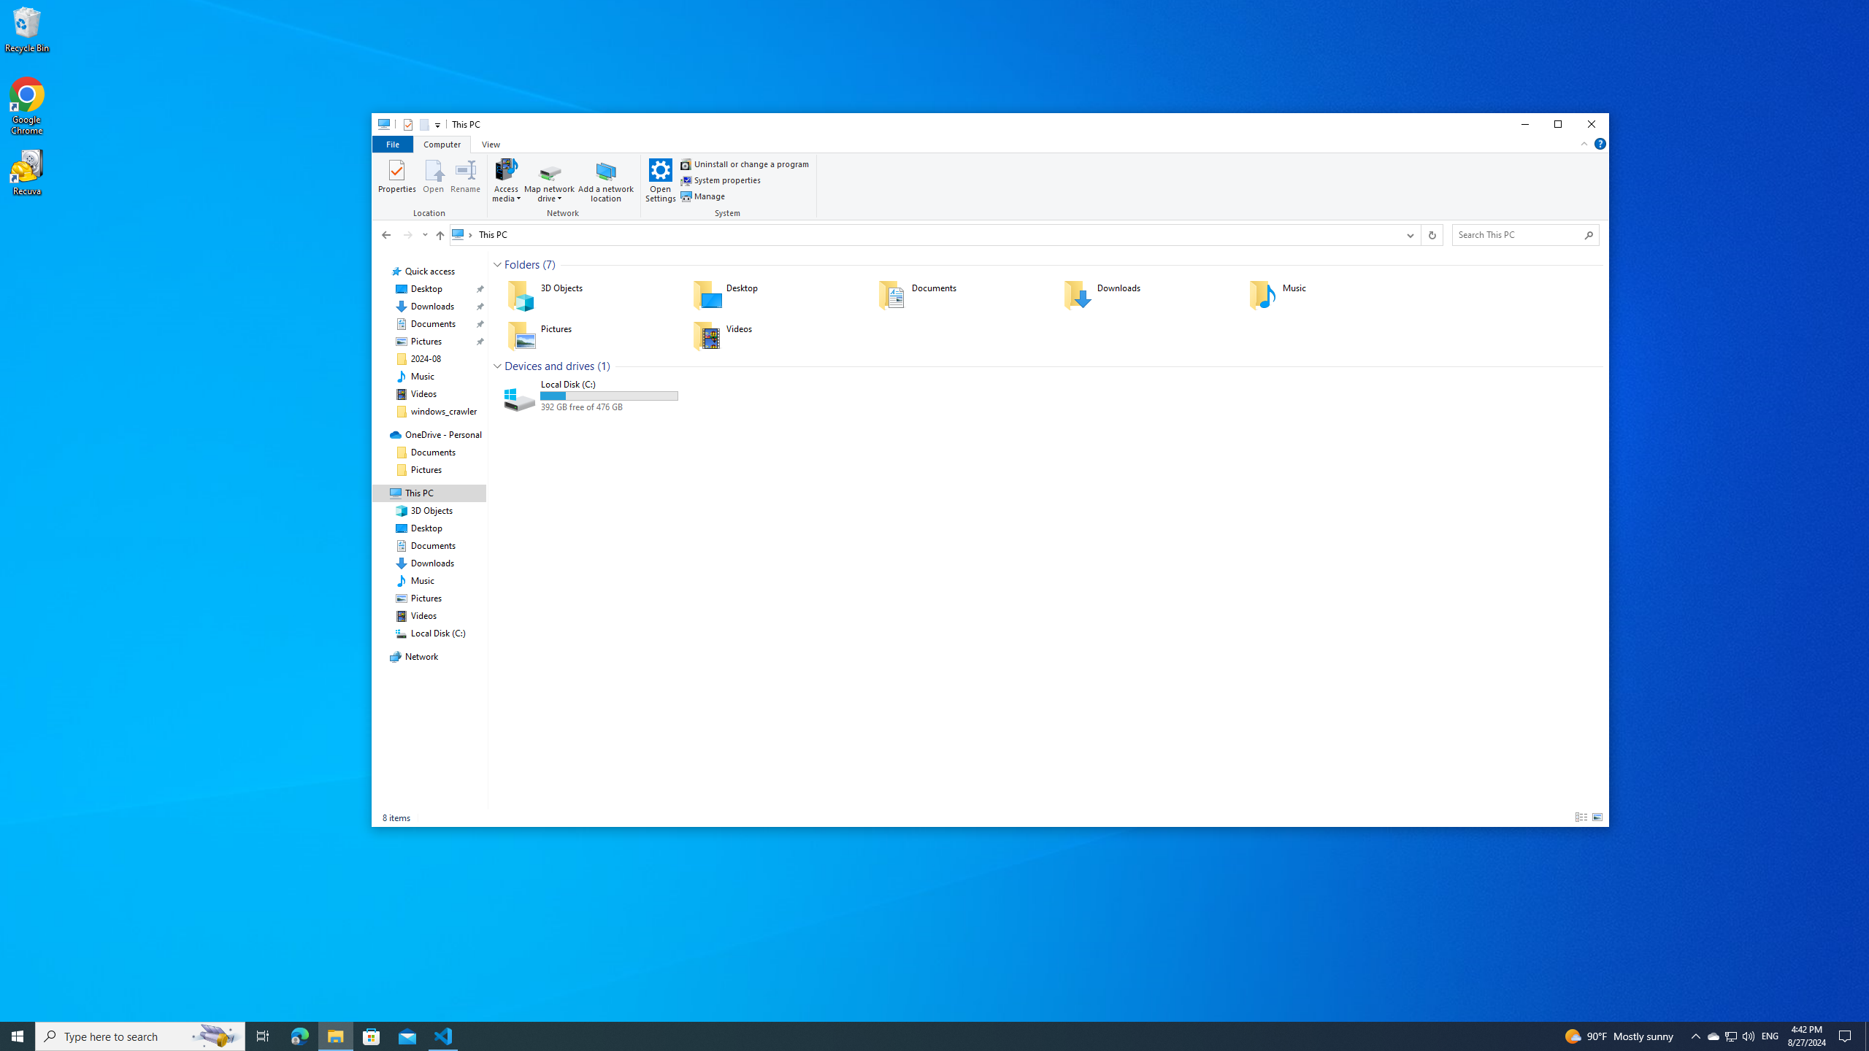  Describe the element at coordinates (1145, 293) in the screenshot. I see `'Downloads'` at that location.